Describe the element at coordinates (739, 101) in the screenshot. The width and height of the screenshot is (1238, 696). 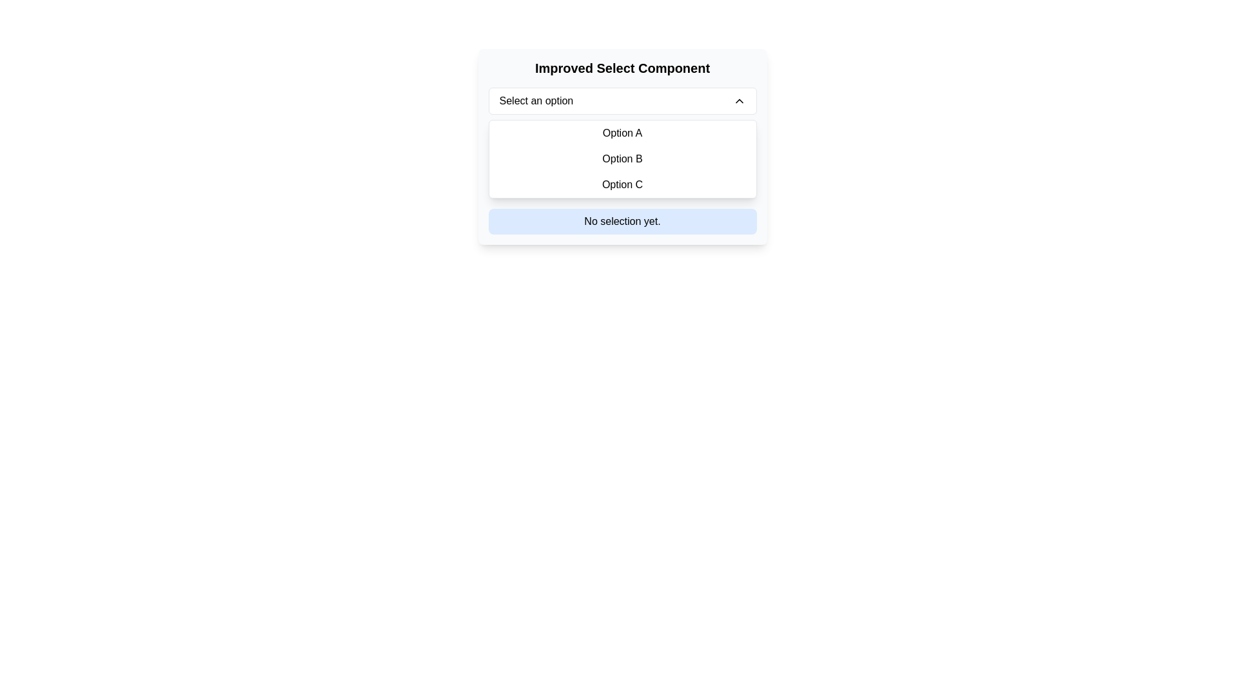
I see `the chevron icon located to the far right of the 'Select an option' dropdown button` at that location.